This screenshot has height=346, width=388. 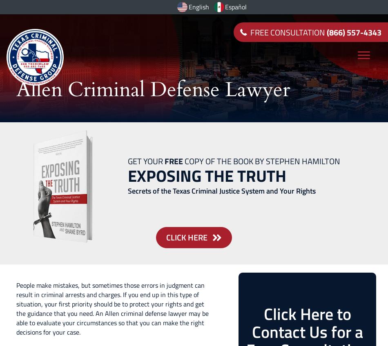 I want to click on 'FREE CONSULTATION', so click(x=288, y=32).